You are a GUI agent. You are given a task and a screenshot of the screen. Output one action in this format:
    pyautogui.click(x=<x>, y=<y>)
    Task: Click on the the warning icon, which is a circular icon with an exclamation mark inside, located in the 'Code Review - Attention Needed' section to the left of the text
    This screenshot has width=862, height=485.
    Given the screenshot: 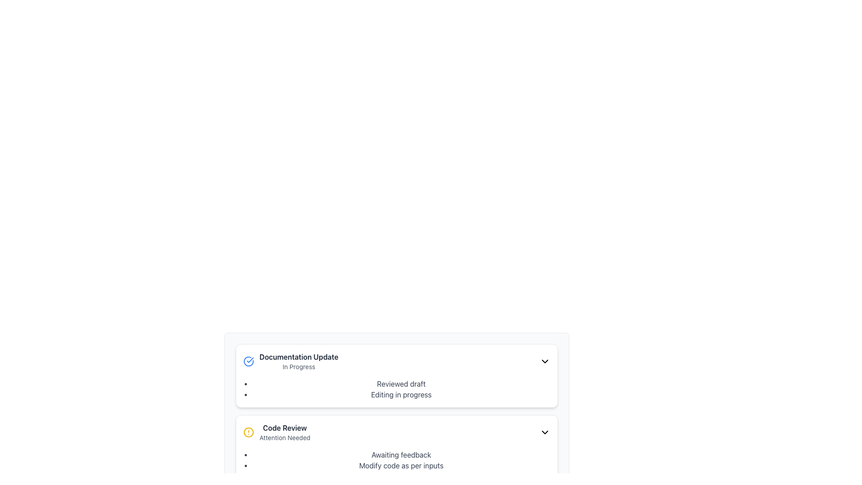 What is the action you would take?
    pyautogui.click(x=248, y=432)
    